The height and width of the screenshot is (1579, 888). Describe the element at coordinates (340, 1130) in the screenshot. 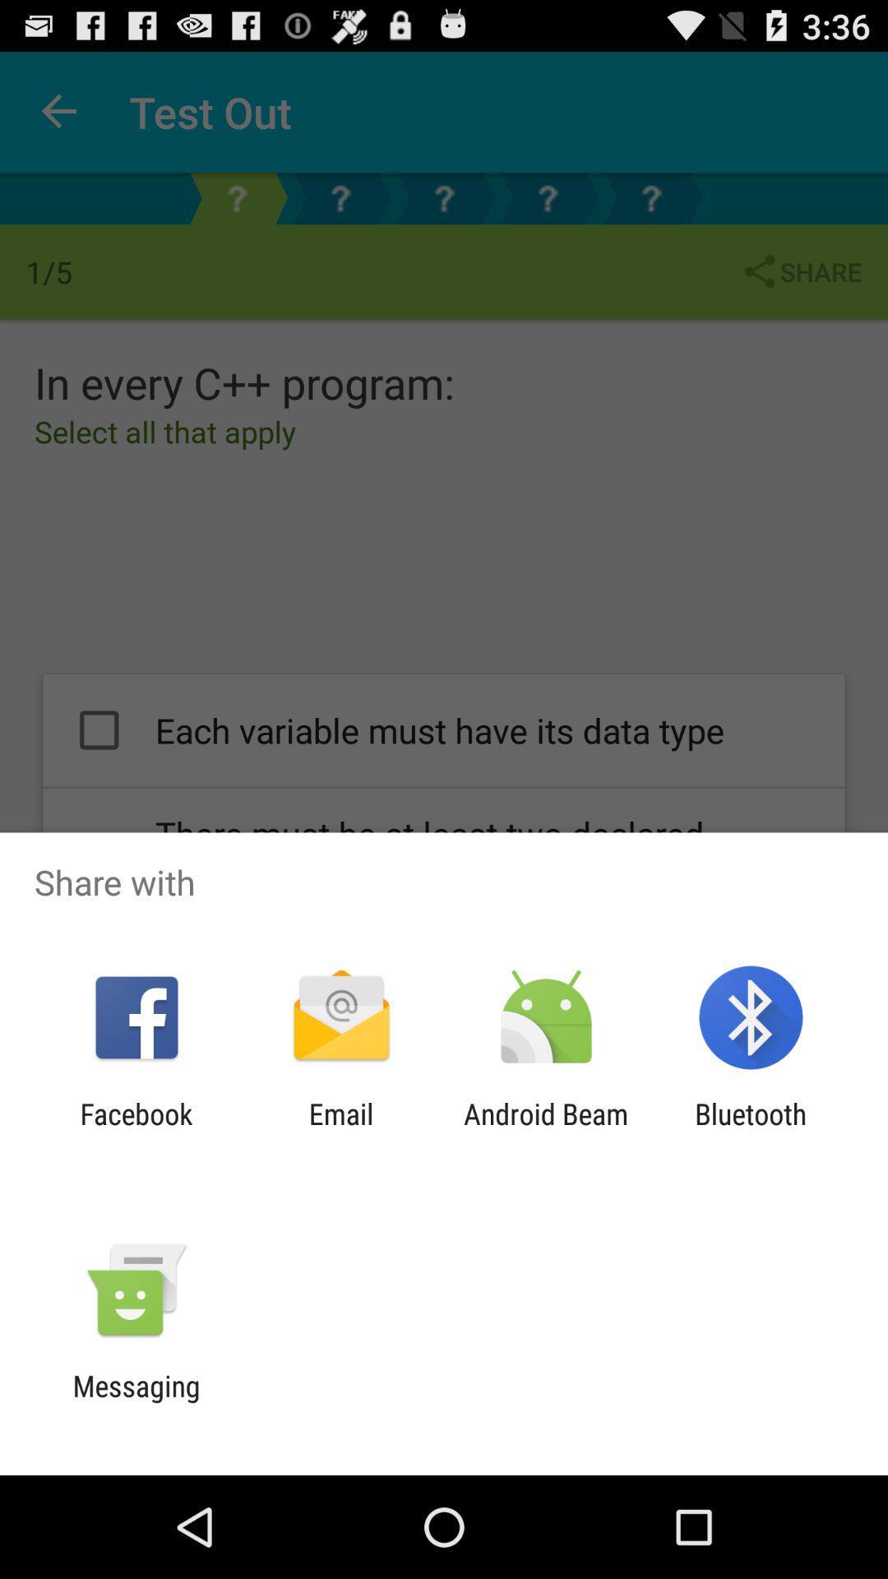

I see `item next to the android beam icon` at that location.